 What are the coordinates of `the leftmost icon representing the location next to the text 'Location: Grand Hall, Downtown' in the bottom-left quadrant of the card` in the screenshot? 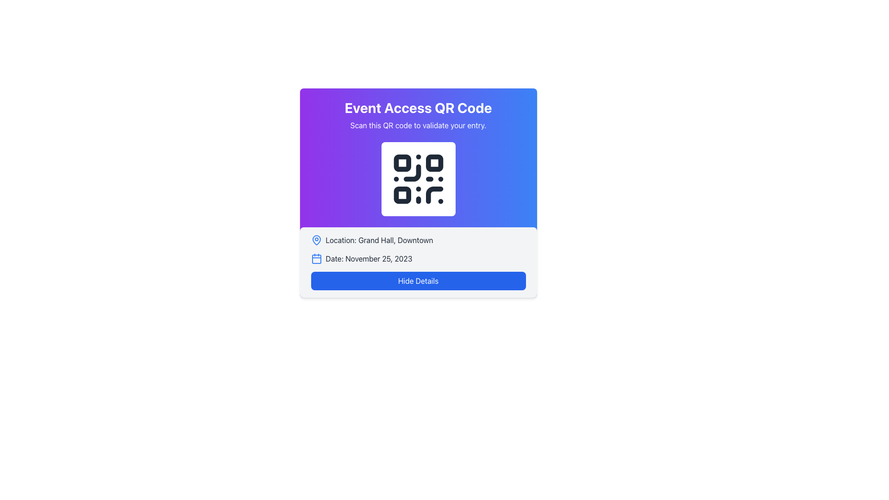 It's located at (316, 240).